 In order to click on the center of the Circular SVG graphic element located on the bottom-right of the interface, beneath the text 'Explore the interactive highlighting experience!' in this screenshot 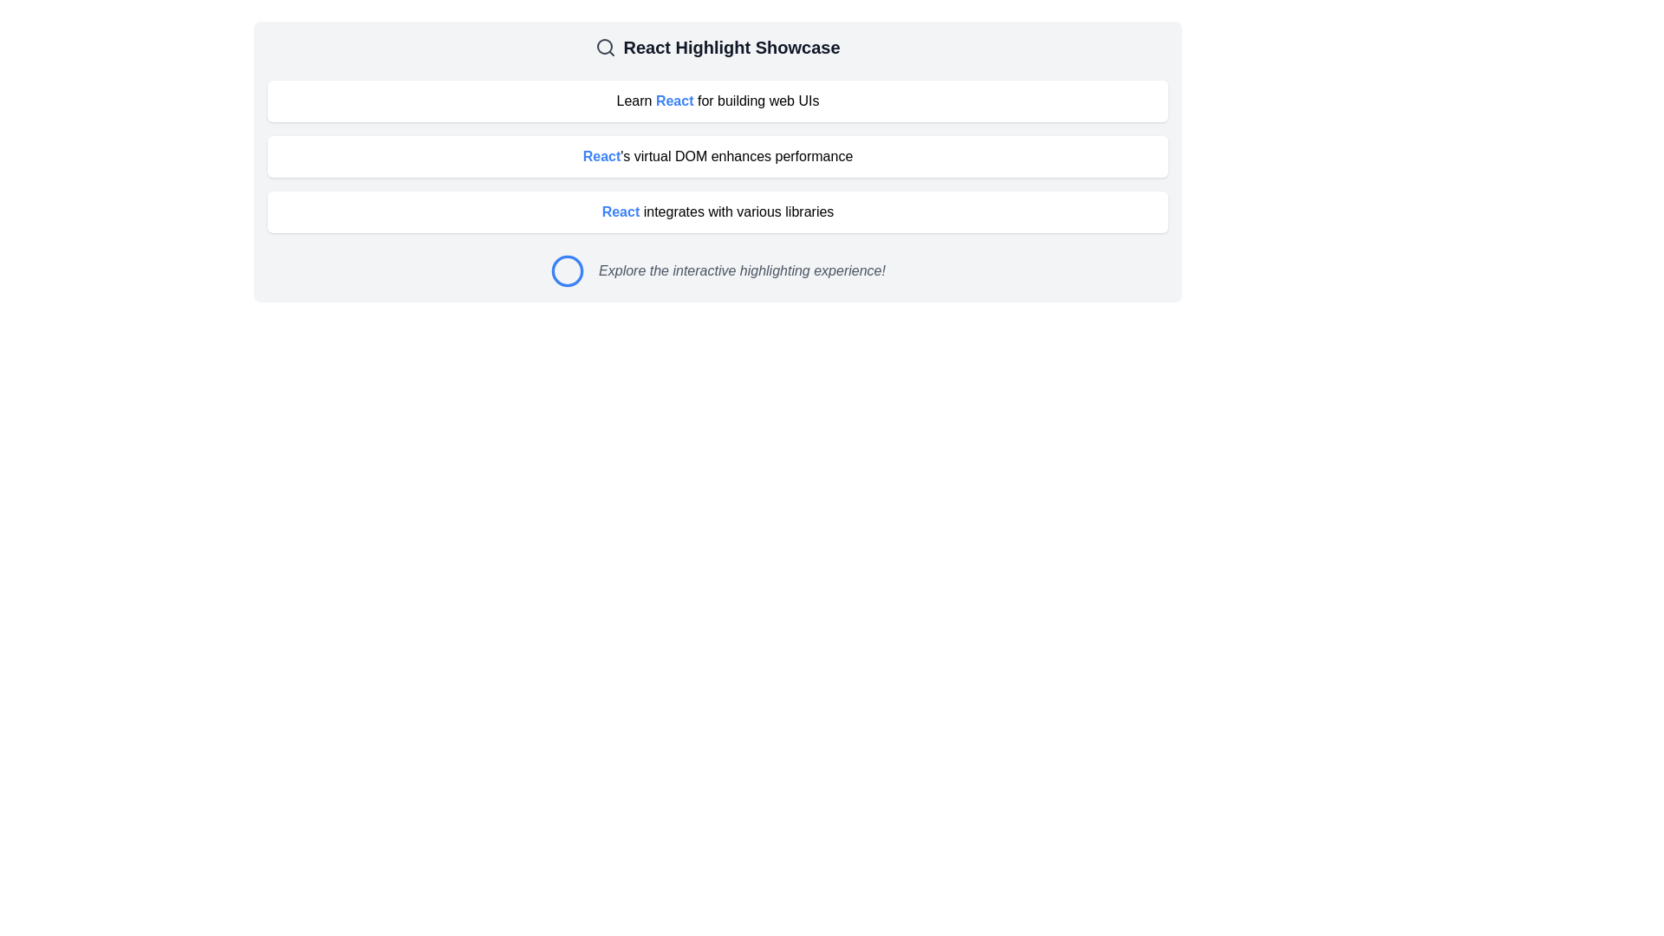, I will do `click(568, 270)`.